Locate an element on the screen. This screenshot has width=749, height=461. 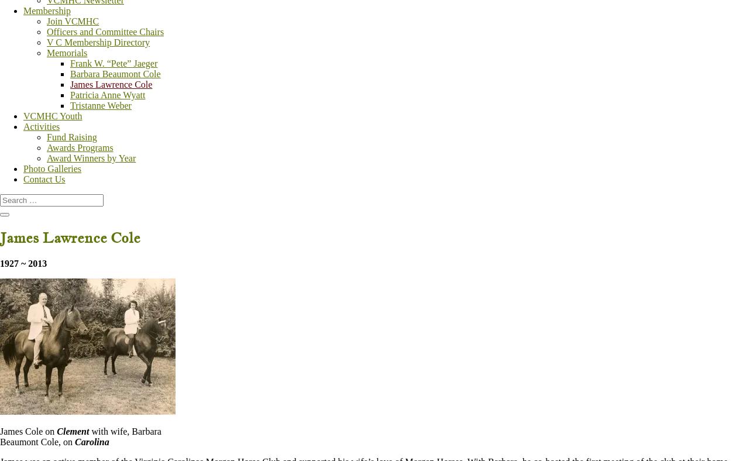
'Clement' is located at coordinates (56, 431).